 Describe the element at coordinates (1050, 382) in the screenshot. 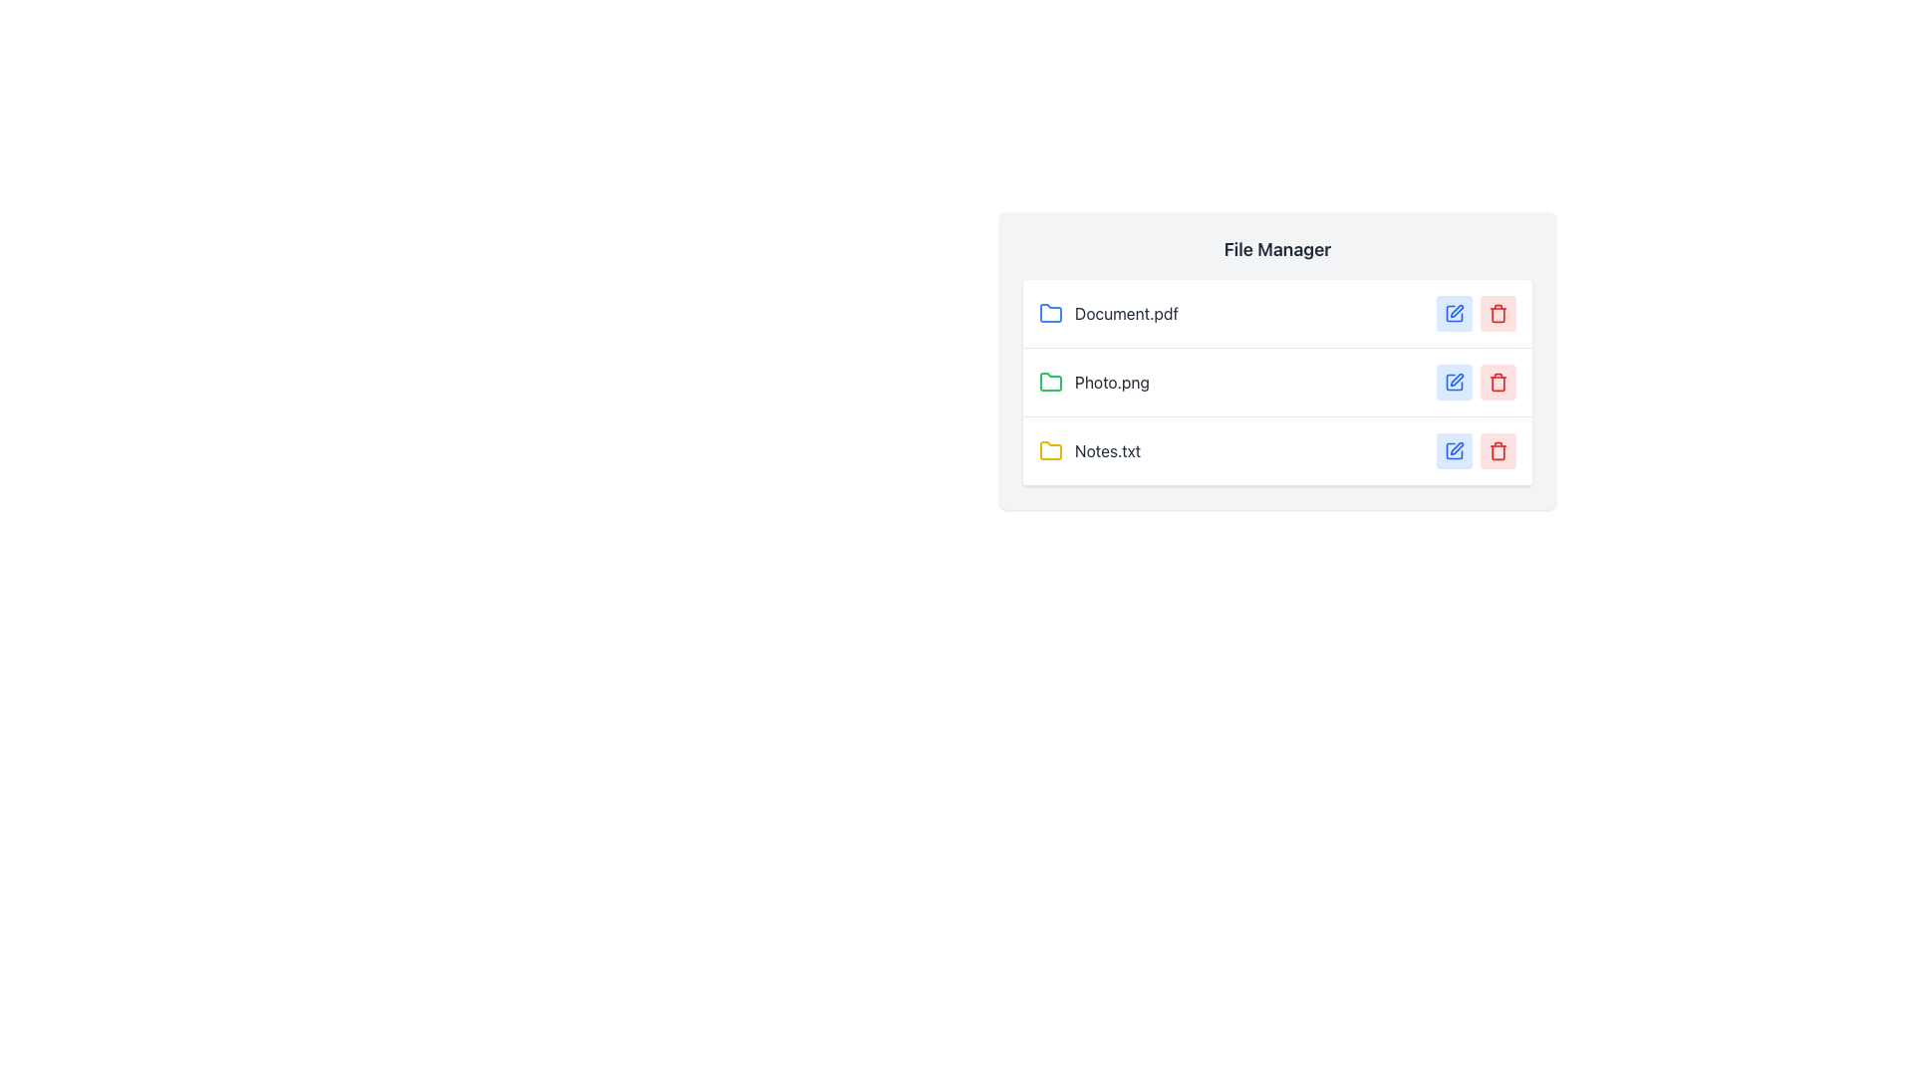

I see `the folder icon with a green outline that is part of the row for the file 'Photo.png'` at that location.